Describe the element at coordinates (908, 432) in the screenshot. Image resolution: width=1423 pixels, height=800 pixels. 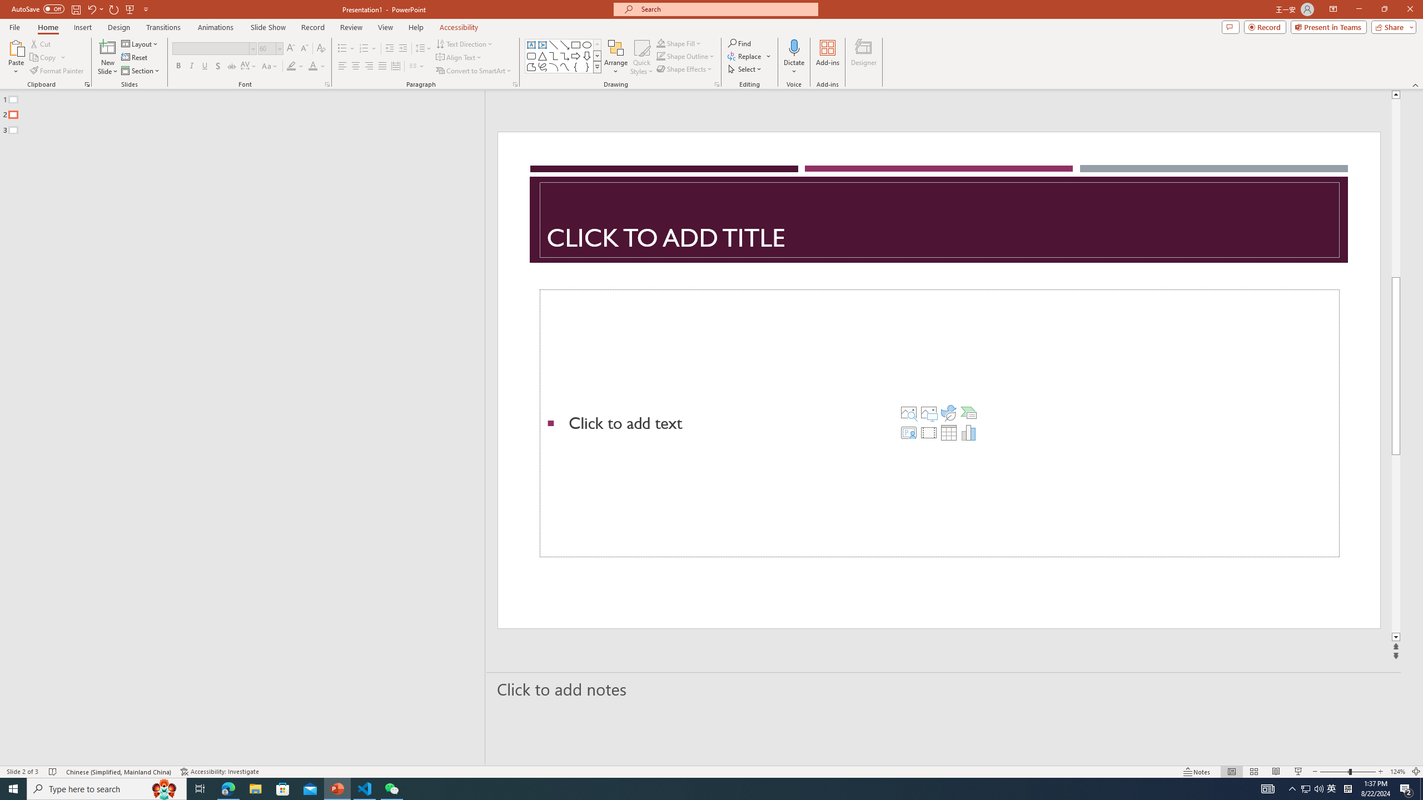
I see `'Insert Cameo'` at that location.